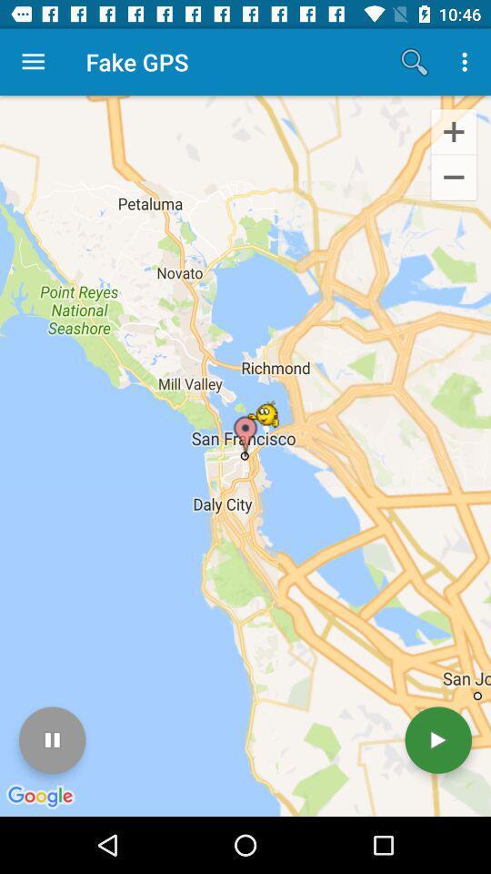 This screenshot has width=491, height=874. What do you see at coordinates (414, 62) in the screenshot?
I see `app next to the fake gps icon` at bounding box center [414, 62].